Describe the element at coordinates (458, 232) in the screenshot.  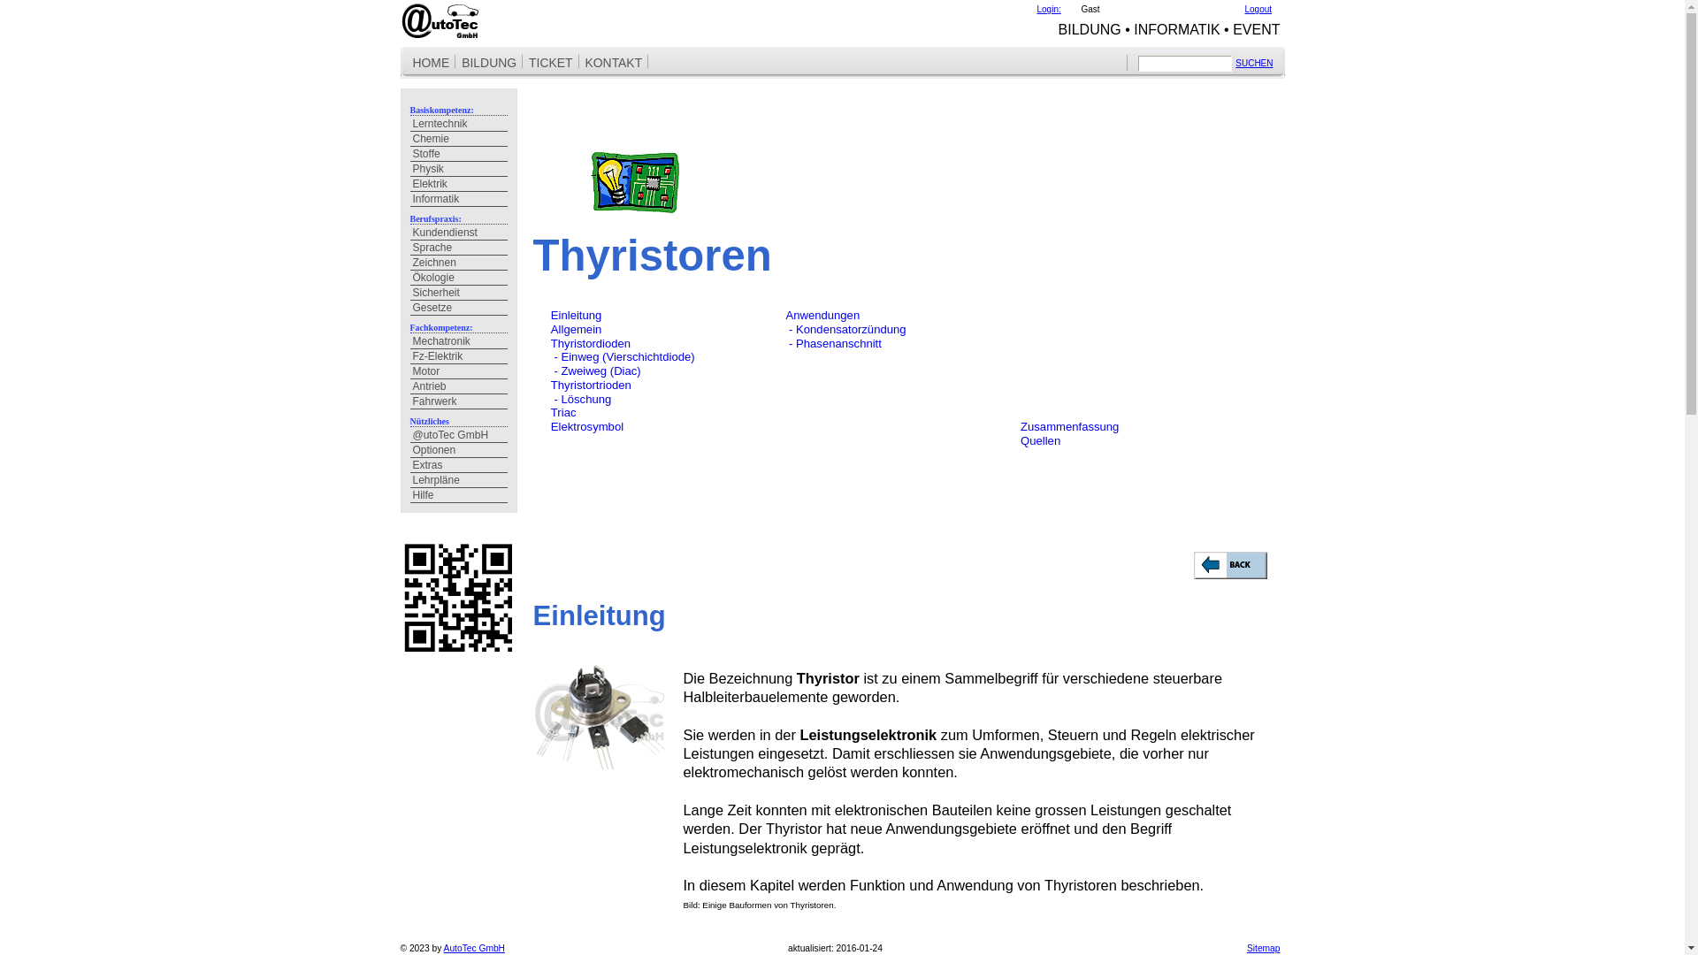
I see `'Kundendienst'` at that location.